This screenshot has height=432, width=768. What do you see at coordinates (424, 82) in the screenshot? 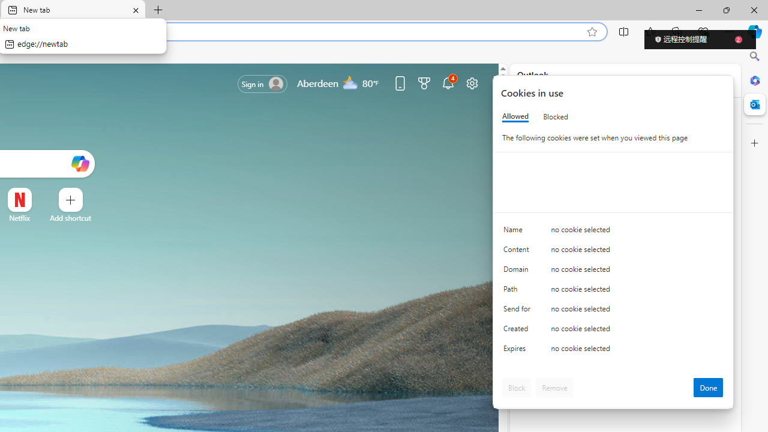
I see `'Microsoft rewards'` at bounding box center [424, 82].